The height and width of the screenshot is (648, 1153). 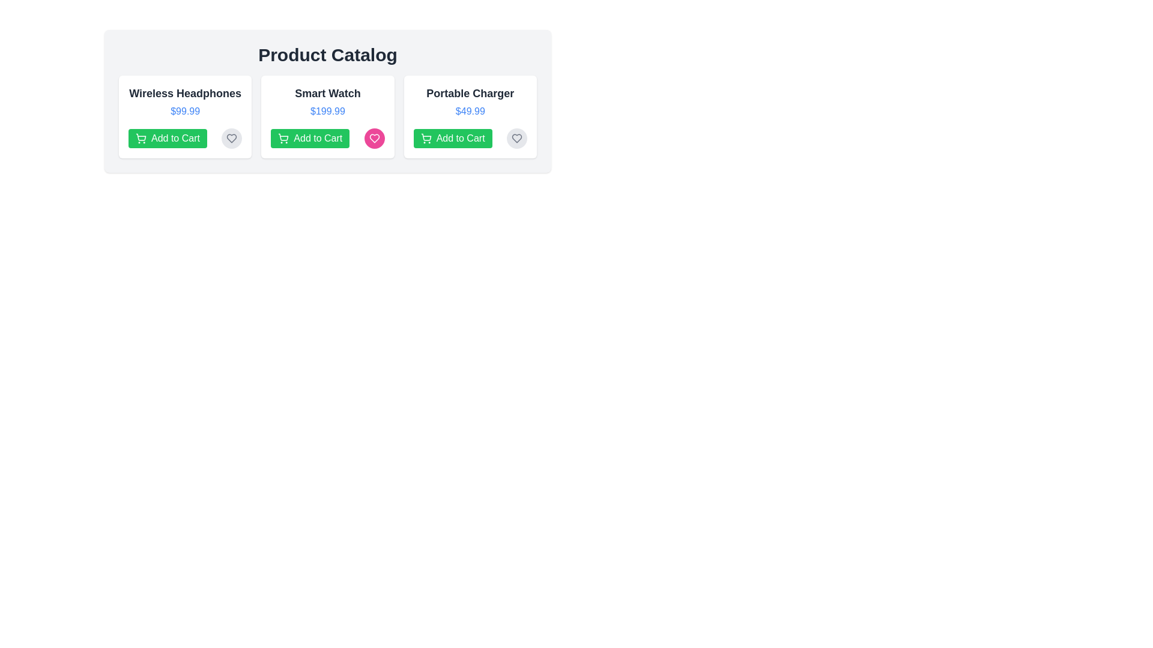 I want to click on the name of the product Portable Charger from the list, so click(x=470, y=92).